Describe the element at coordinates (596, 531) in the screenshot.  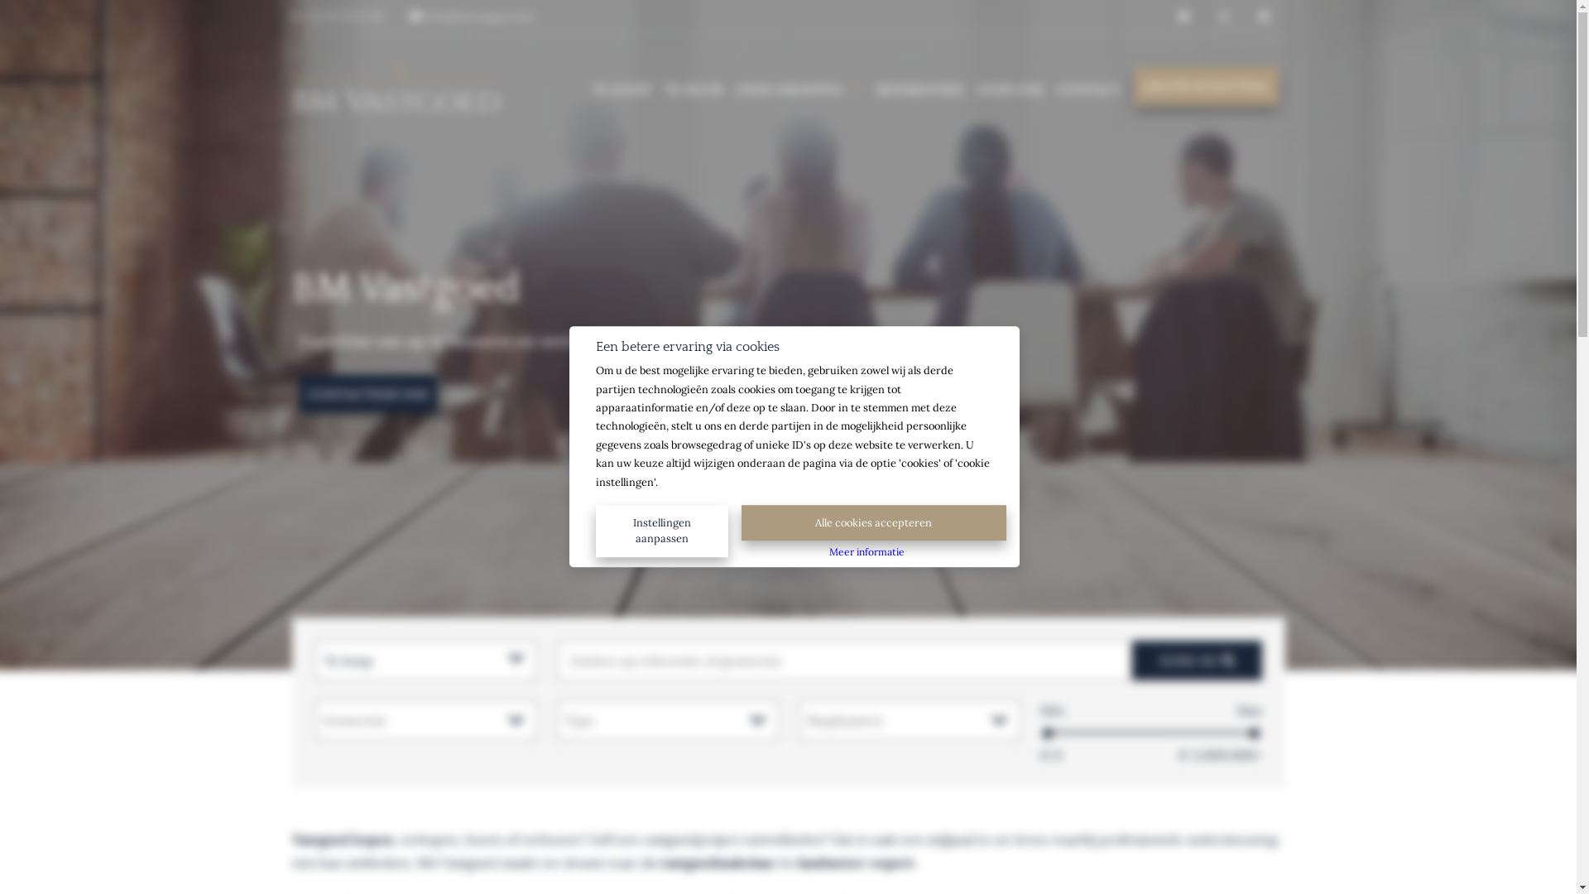
I see `'Instellingen aanpassen'` at that location.